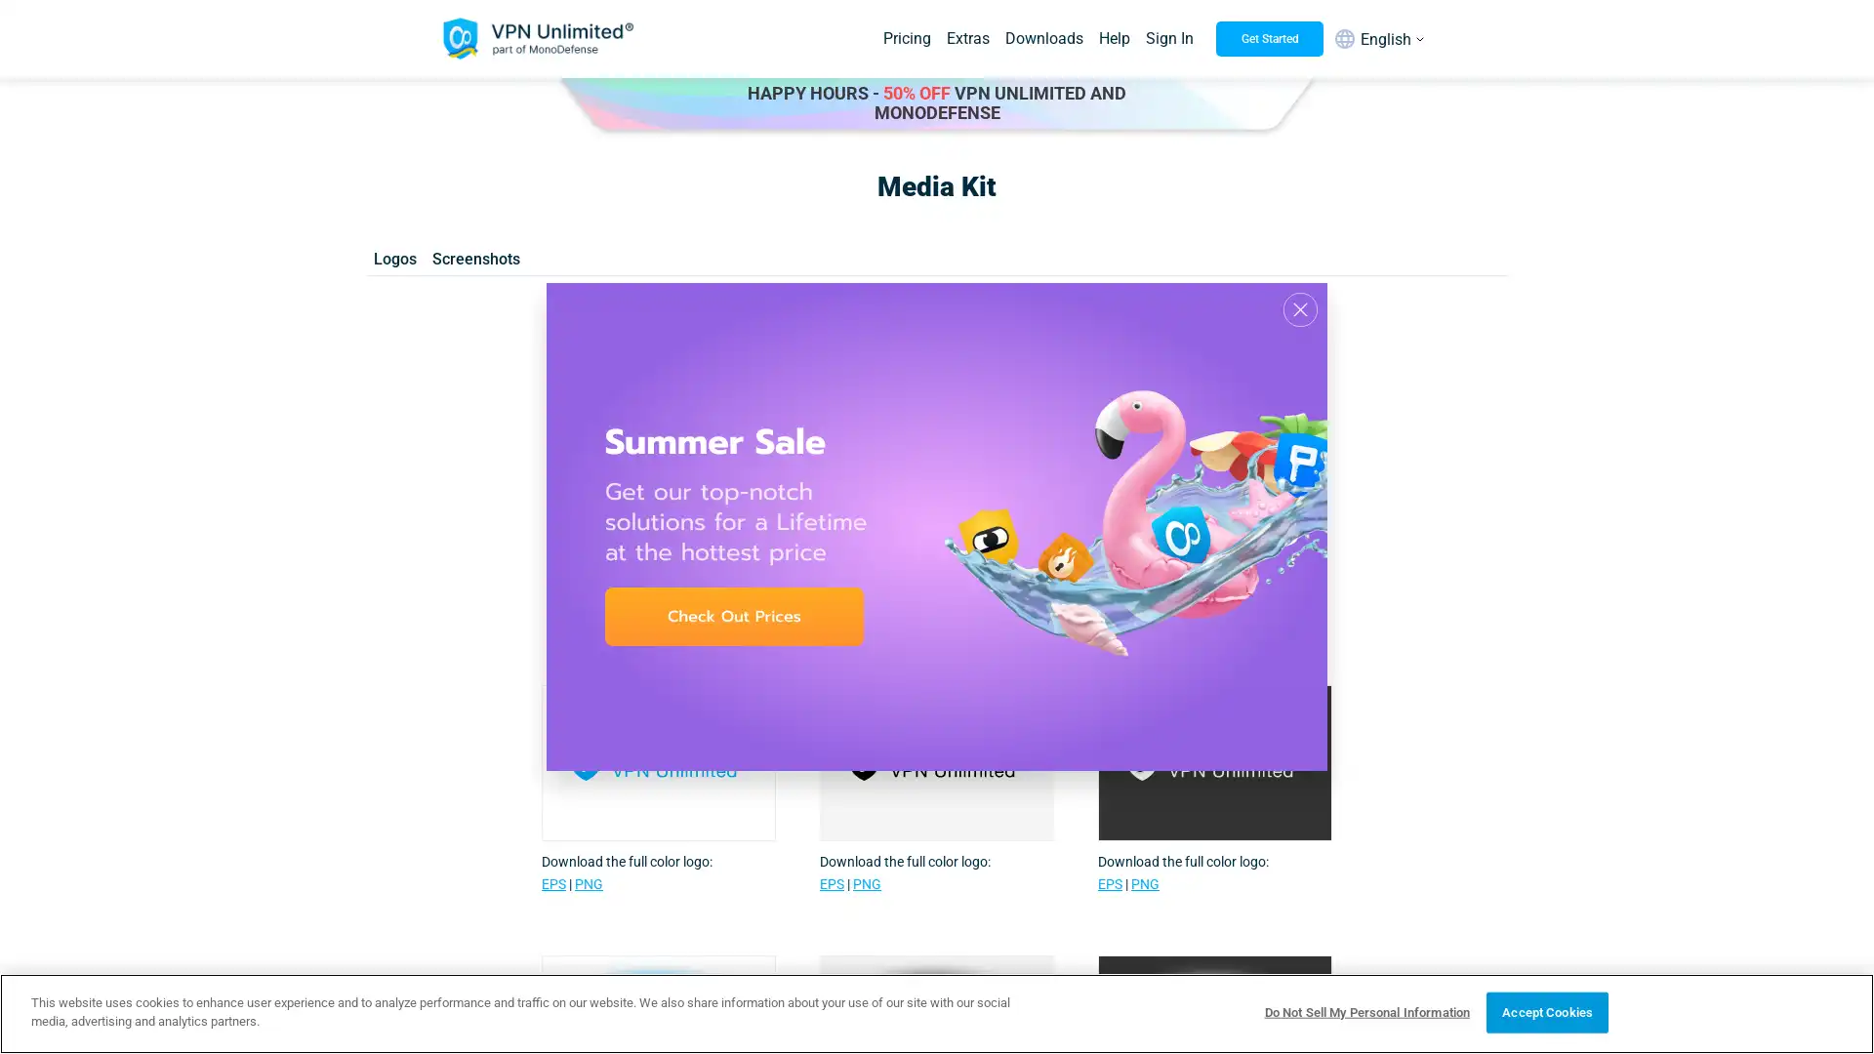  Describe the element at coordinates (1546, 1011) in the screenshot. I see `Accept Cookies` at that location.